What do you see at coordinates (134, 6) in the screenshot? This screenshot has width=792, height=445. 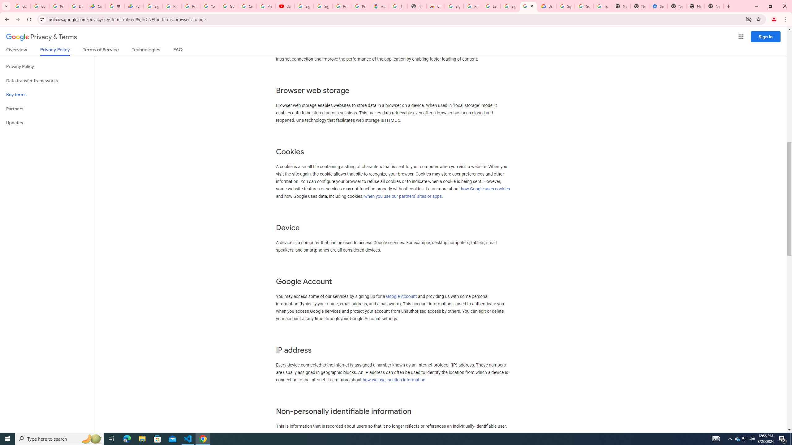 I see `'PDD Holdings Inc - ADR (PDD) Price & News - Google Finance'` at bounding box center [134, 6].